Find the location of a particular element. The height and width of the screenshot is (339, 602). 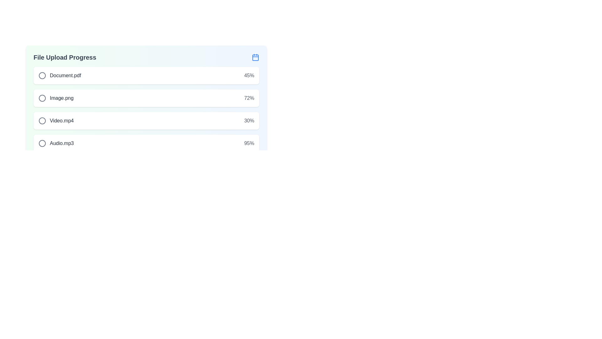

the decorative rectangle element within the SVG calendar icon, located in the upper-right quadrant of the interface, below the two vertical line markers is located at coordinates (256, 58).